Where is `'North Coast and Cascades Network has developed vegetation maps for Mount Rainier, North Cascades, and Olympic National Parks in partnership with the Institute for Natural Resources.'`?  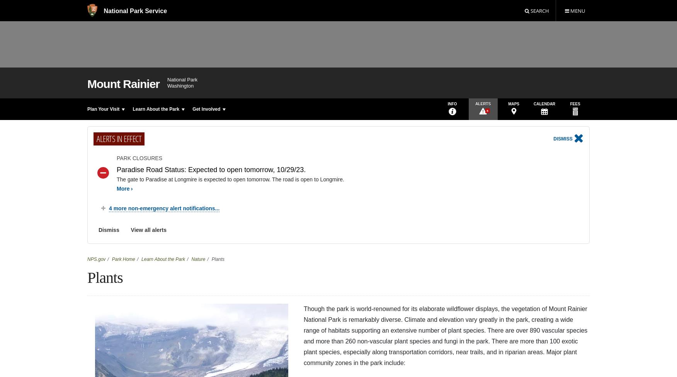 'North Coast and Cascades Network has developed vegetation maps for Mount Rainier, North Cascades, and Olympic National Parks in partnership with the Institute for Natural Resources.' is located at coordinates (294, 163).